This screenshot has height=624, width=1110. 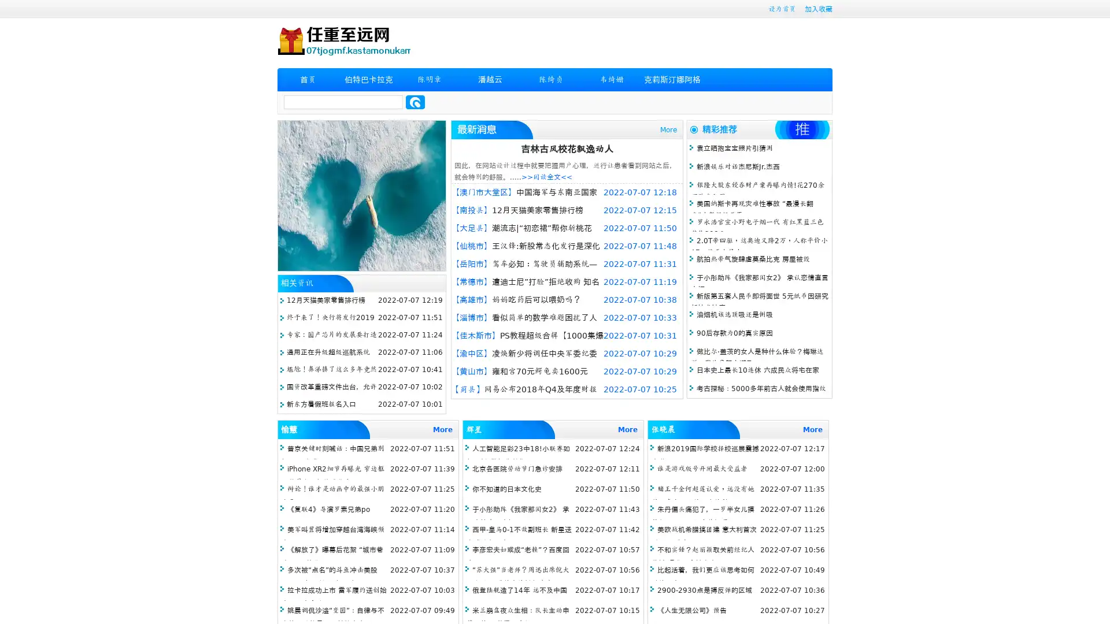 What do you see at coordinates (415, 102) in the screenshot?
I see `Search` at bounding box center [415, 102].